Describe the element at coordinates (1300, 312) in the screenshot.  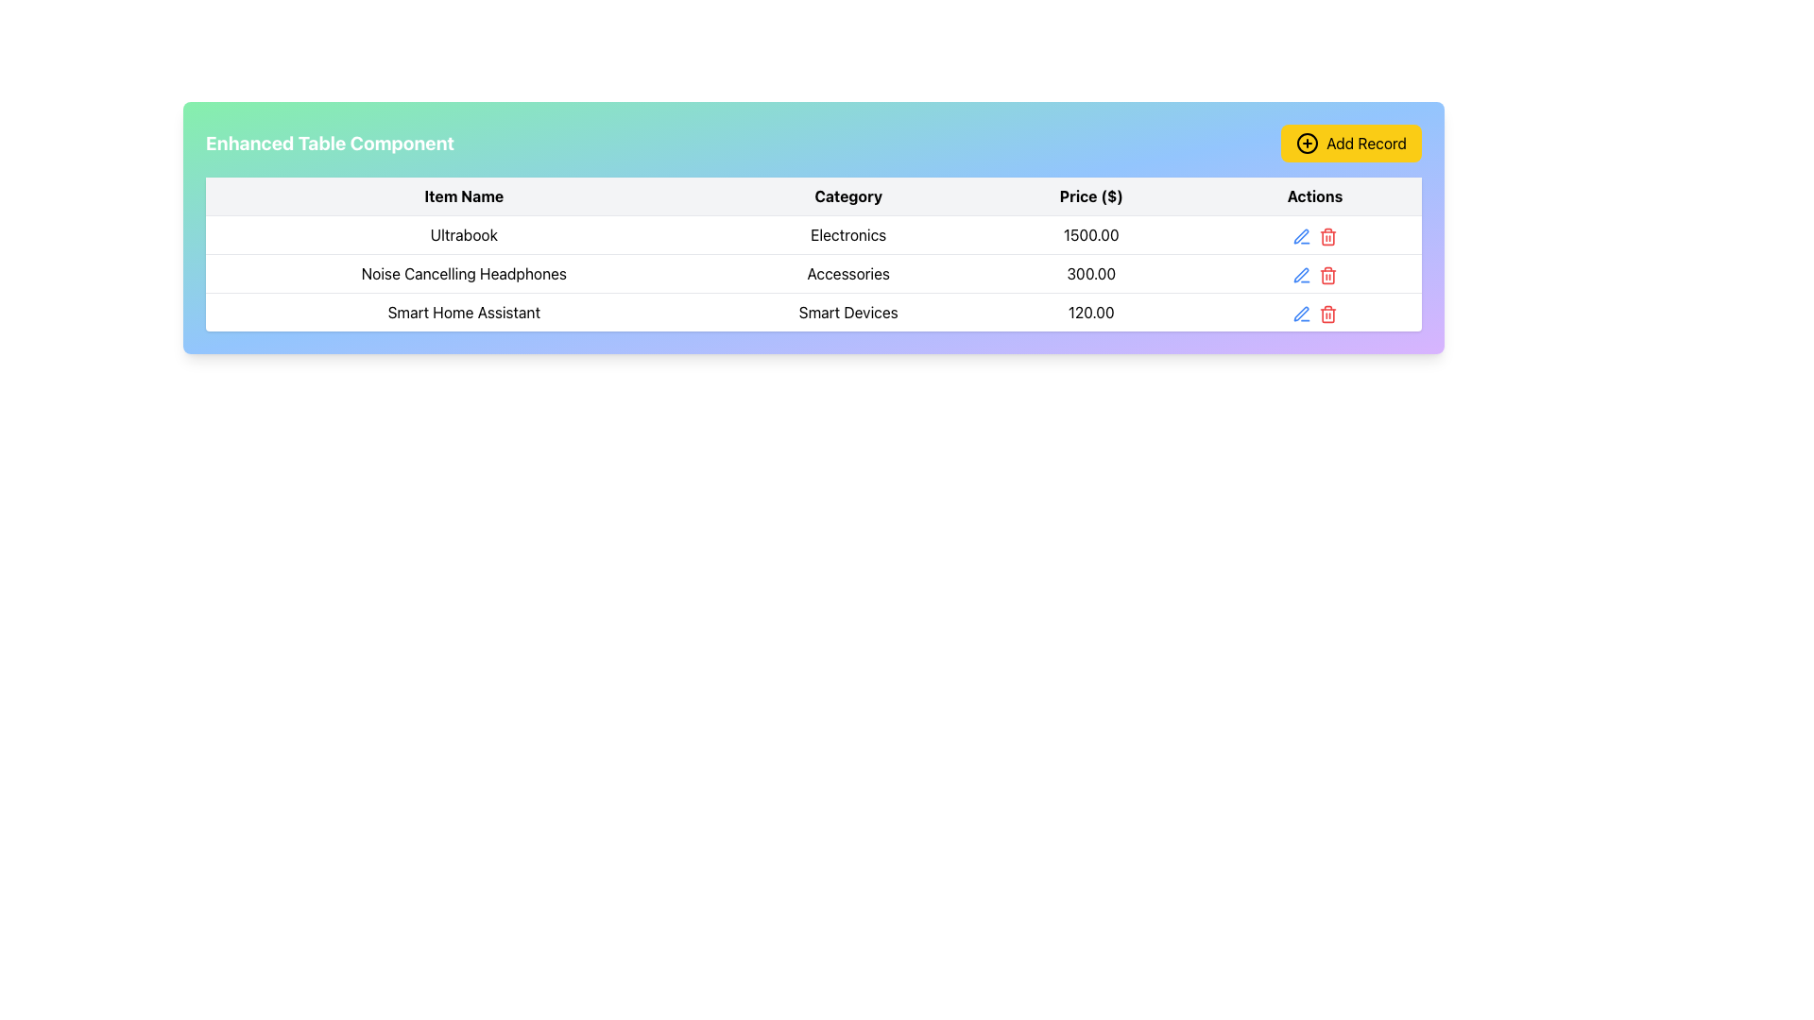
I see `the edit icon located in the 'Actions' column of the last row in the table to initiate editing` at that location.